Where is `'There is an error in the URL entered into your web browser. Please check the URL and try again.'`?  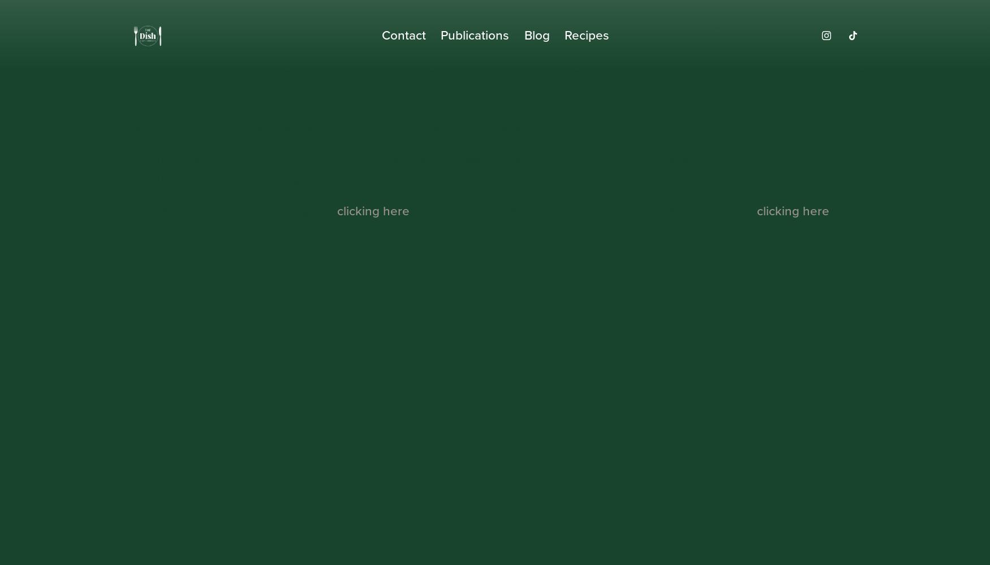 'There is an error in the URL entered into your web browser. Please check the URL and try again.' is located at coordinates (428, 160).